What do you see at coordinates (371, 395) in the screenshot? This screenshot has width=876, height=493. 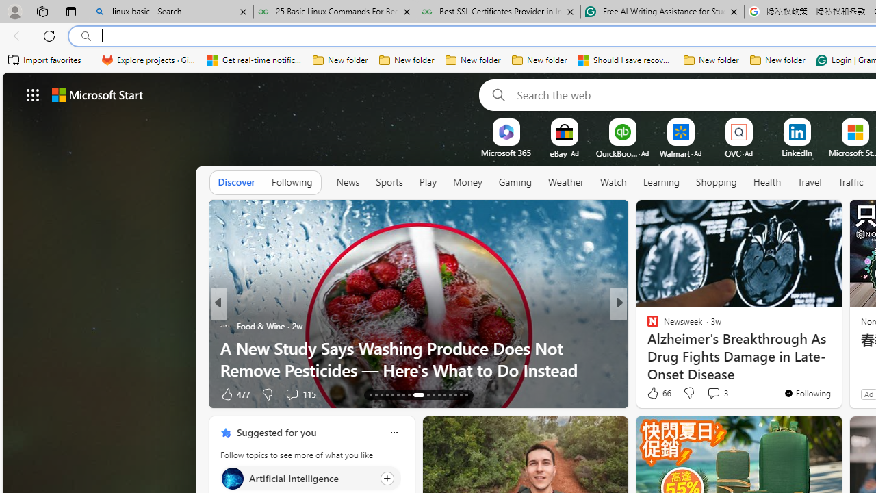 I see `'AutomationID: tab-13'` at bounding box center [371, 395].